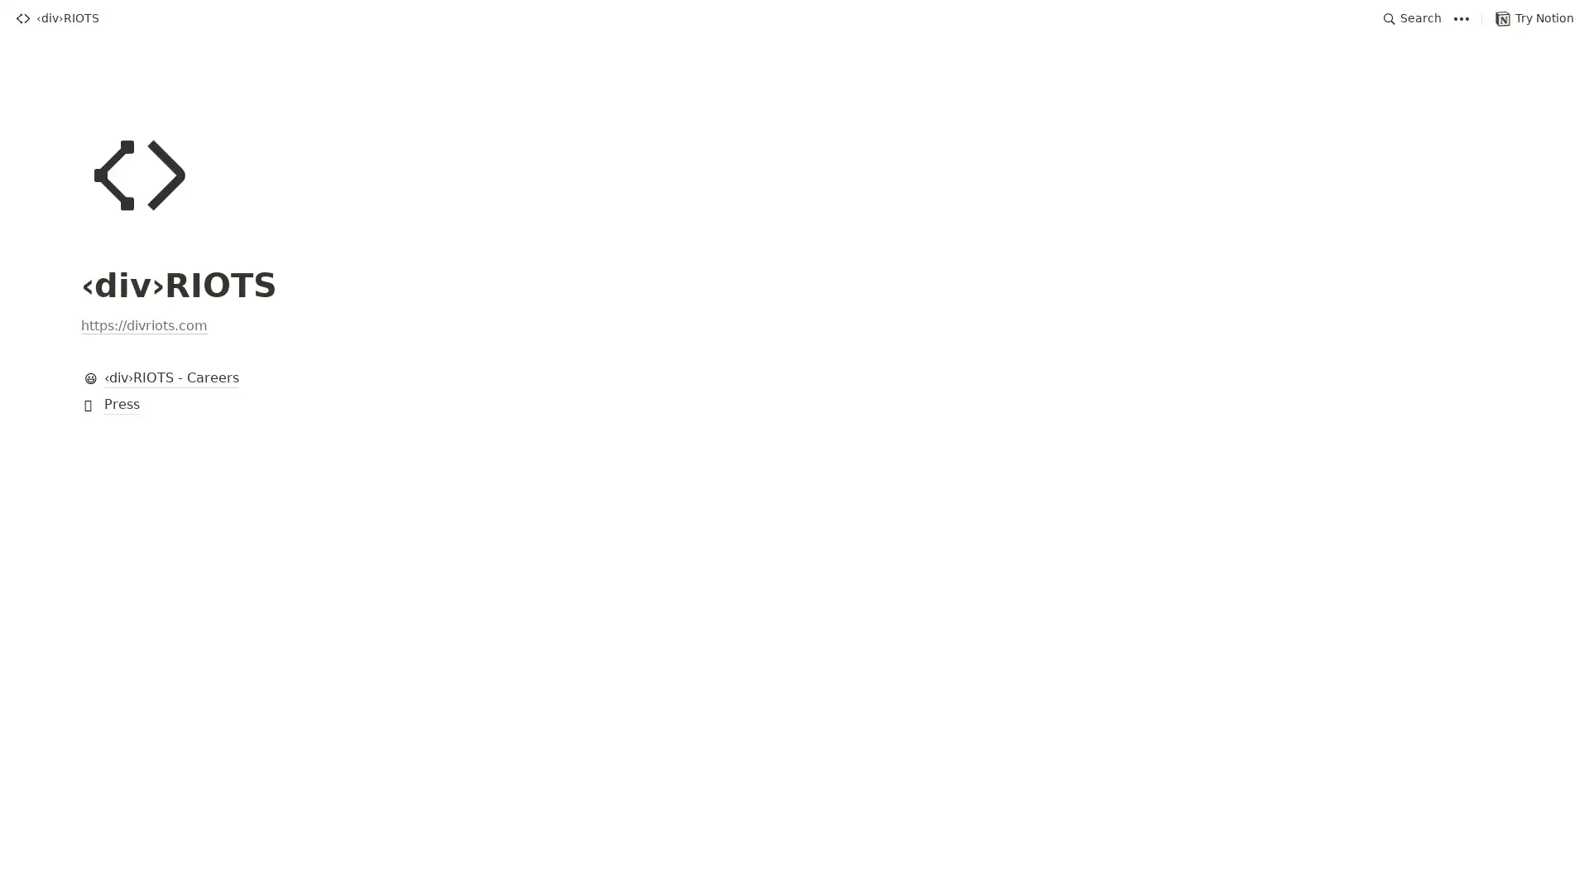 The width and height of the screenshot is (1589, 894). Describe the element at coordinates (1534, 18) in the screenshot. I see `Try Notion` at that location.